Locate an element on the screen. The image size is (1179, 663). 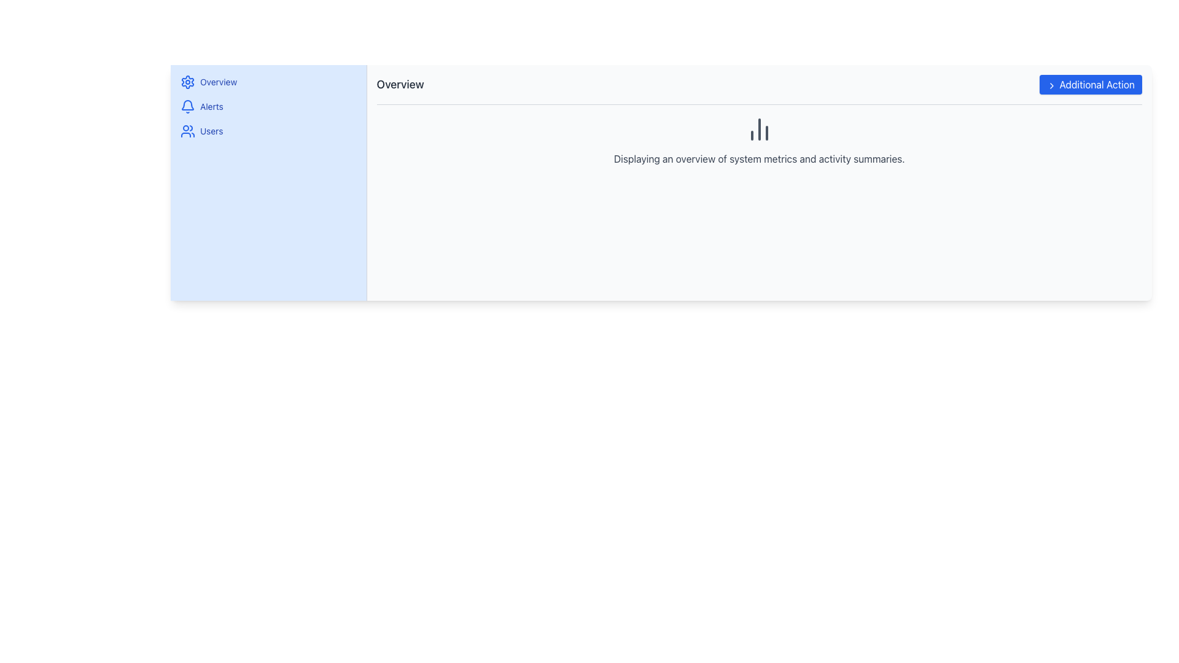
the 'Additional Action' button located at the top-right corner of the 'Overview' section is located at coordinates (1091, 84).